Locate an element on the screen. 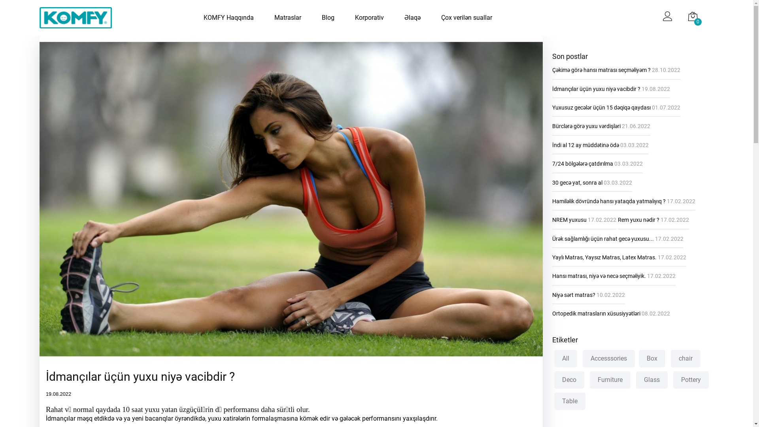  'Blog' is located at coordinates (321, 18).